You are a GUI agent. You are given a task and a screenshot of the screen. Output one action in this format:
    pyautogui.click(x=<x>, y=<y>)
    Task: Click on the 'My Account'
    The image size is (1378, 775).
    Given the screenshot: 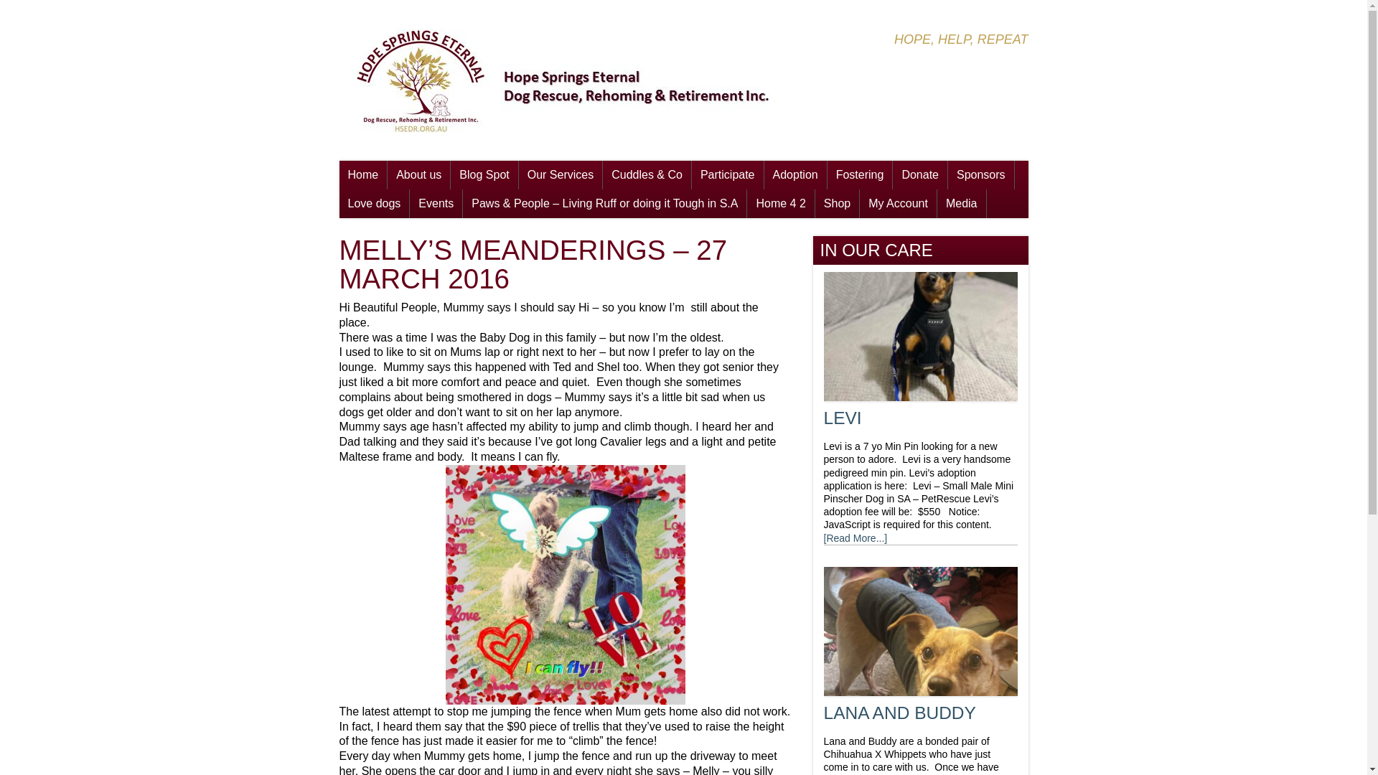 What is the action you would take?
    pyautogui.click(x=897, y=204)
    